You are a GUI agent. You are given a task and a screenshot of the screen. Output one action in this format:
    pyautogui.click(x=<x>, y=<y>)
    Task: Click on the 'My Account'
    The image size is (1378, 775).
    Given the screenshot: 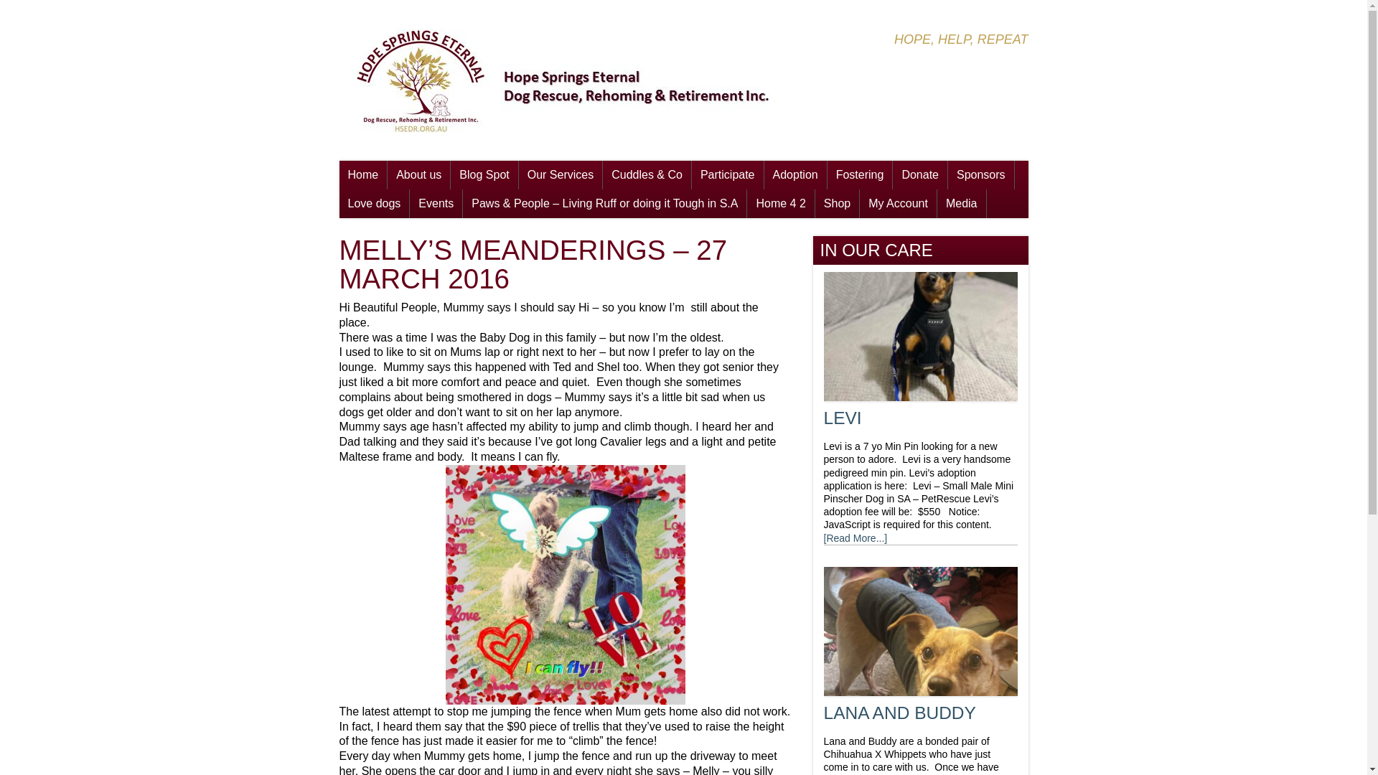 What is the action you would take?
    pyautogui.click(x=897, y=204)
    